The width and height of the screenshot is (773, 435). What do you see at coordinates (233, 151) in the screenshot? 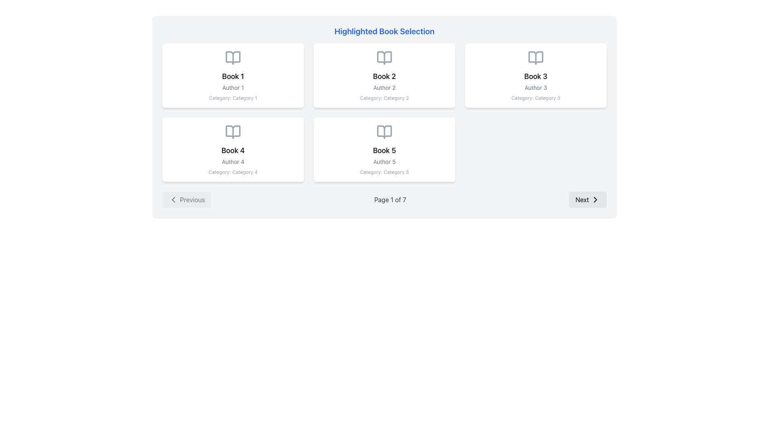
I see `the text label that displays the title of the book, located within the third card of a two-by-two grid layout, situated below the icon and above the text 'Author 4'` at bounding box center [233, 151].